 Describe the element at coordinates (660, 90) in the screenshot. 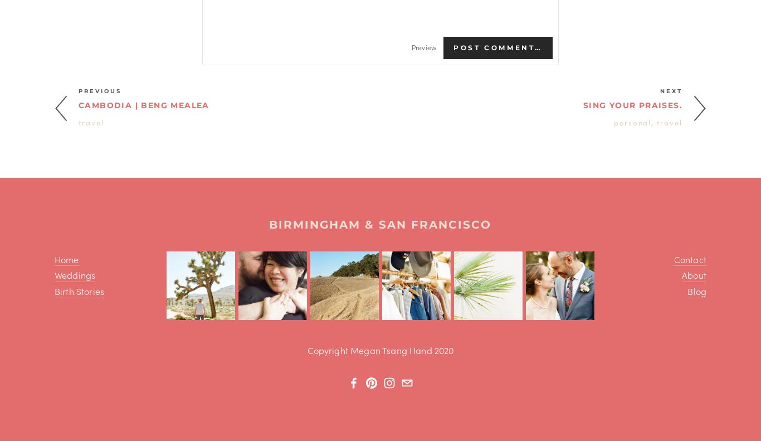

I see `'Next'` at that location.